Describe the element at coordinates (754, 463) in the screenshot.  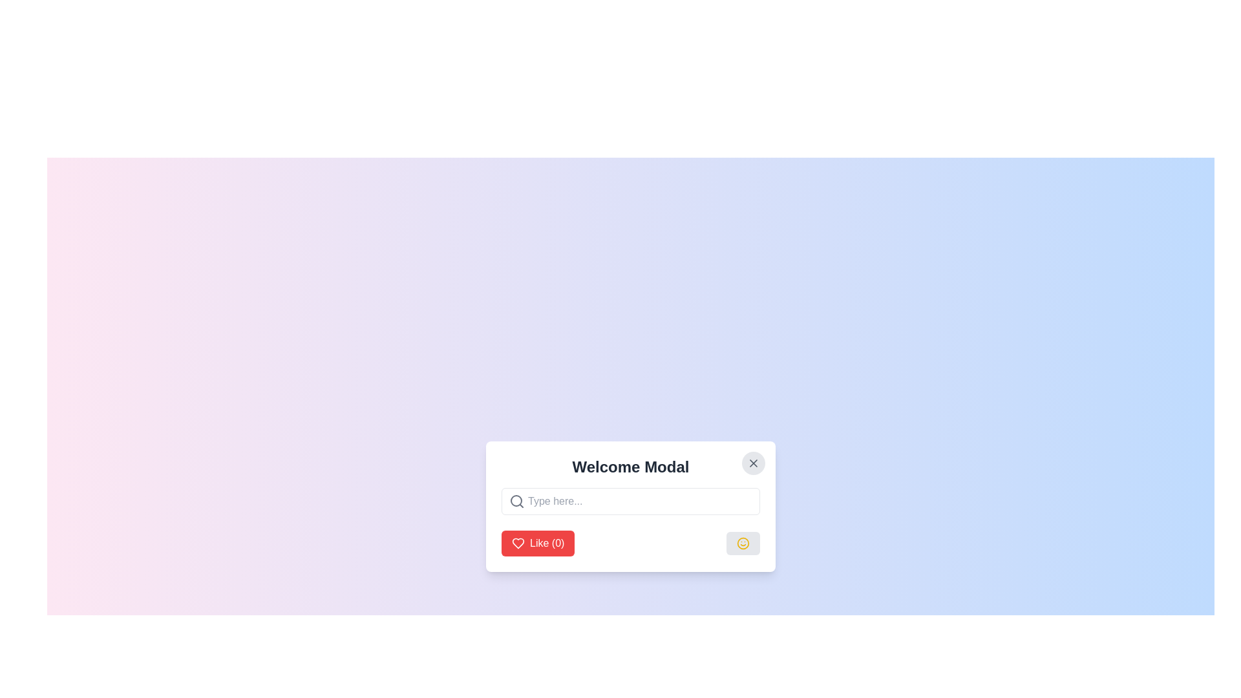
I see `the close button icon represented by an 'X' symbol in the top-right corner of the modal to trigger visual feedback` at that location.